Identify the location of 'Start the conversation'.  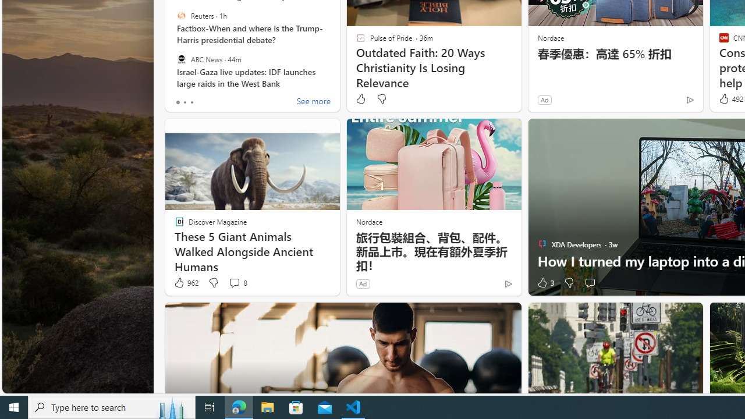
(590, 283).